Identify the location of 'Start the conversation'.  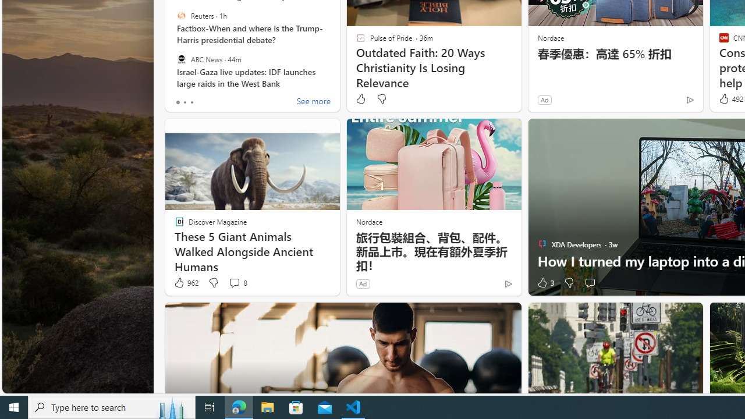
(590, 283).